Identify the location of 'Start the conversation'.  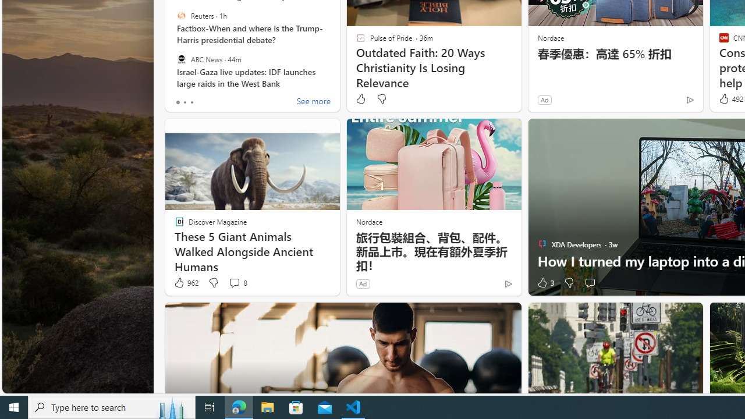
(590, 283).